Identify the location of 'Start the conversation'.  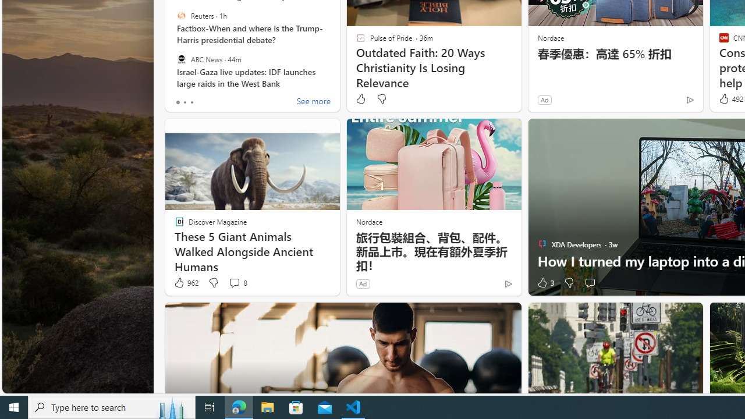
(590, 283).